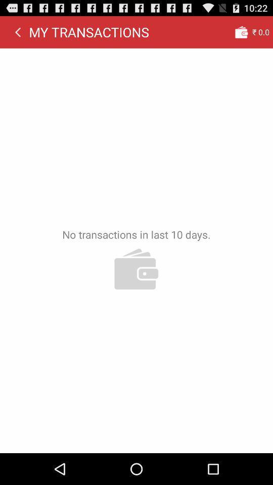 The width and height of the screenshot is (273, 485). I want to click on click transaction option, so click(241, 32).